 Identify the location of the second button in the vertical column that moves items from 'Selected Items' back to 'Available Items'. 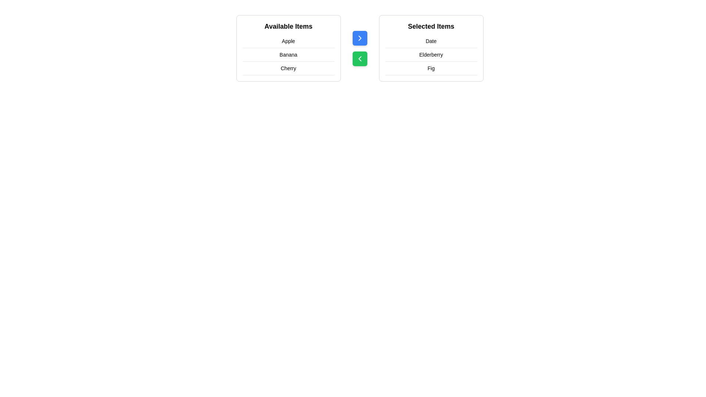
(360, 58).